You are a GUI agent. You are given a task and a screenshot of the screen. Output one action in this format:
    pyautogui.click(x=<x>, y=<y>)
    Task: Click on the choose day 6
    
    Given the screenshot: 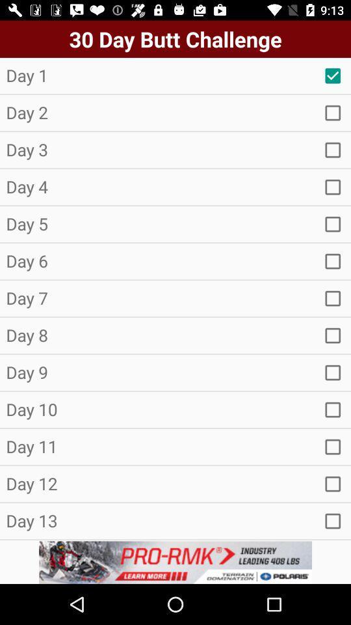 What is the action you would take?
    pyautogui.click(x=333, y=260)
    